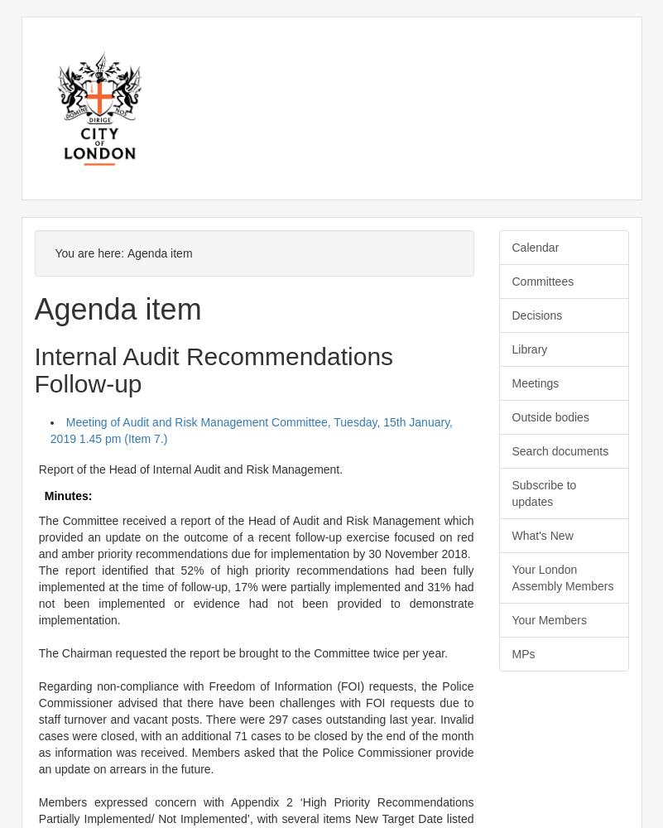 This screenshot has width=663, height=828. What do you see at coordinates (560, 451) in the screenshot?
I see `'Search documents'` at bounding box center [560, 451].